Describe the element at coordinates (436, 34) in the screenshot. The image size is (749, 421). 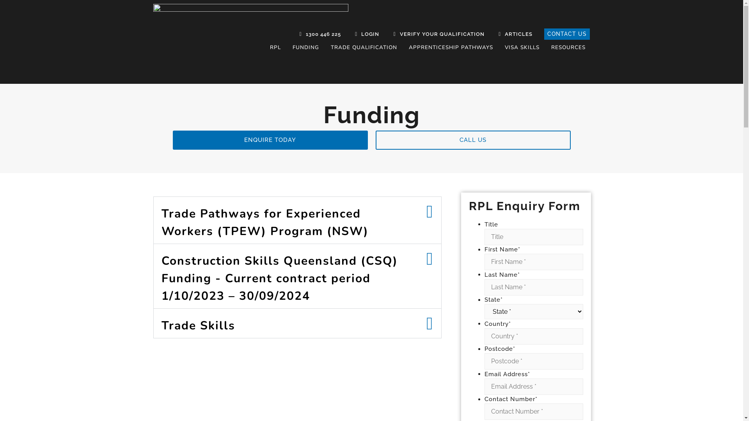
I see `'VERIFY YOUR QUALIFICATION'` at that location.